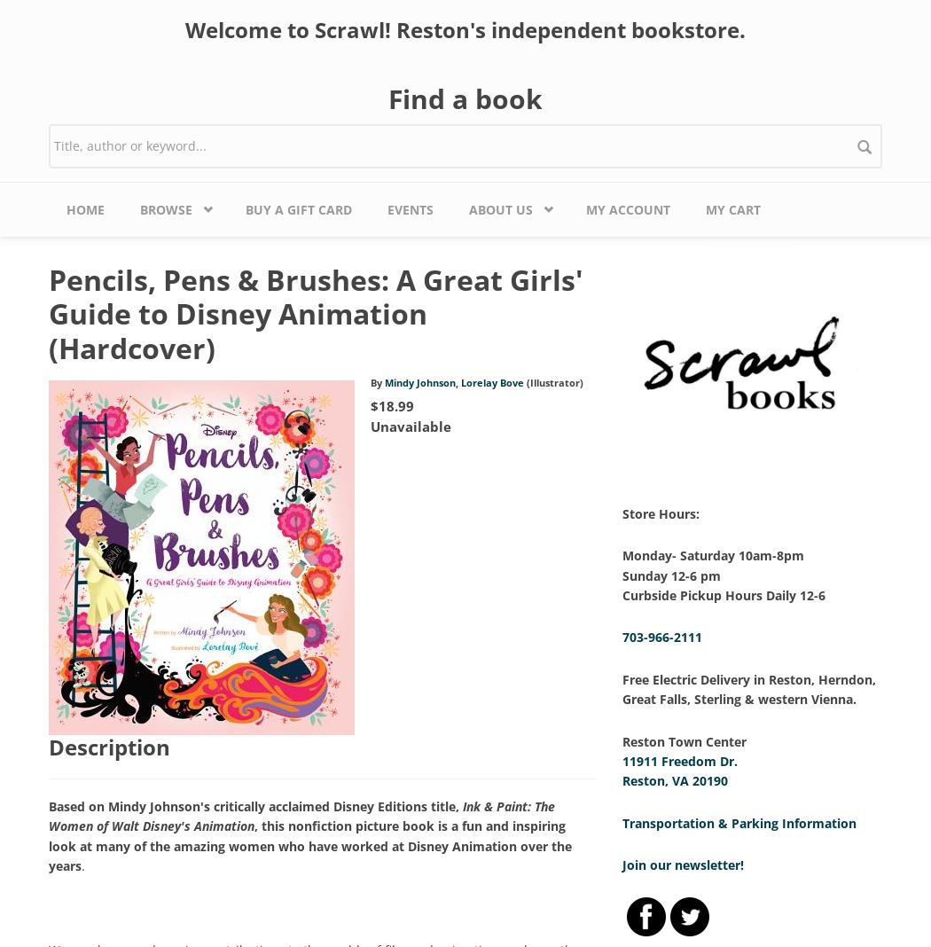  Describe the element at coordinates (465, 28) in the screenshot. I see `'Welcome to Scrawl! Reston's independent bookstore.'` at that location.